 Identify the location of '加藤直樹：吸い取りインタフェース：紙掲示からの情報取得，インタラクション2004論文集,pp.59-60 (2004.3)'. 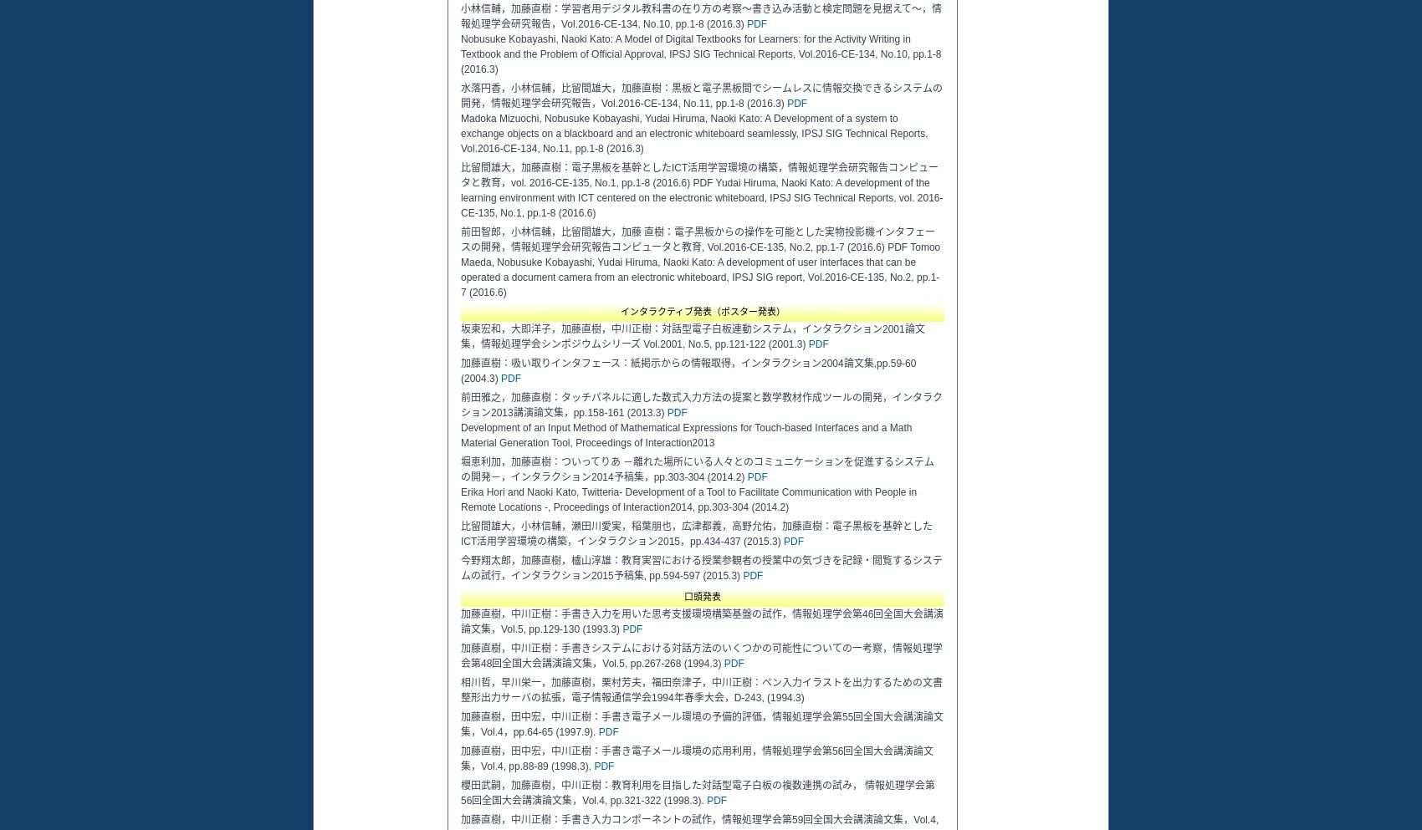
(687, 370).